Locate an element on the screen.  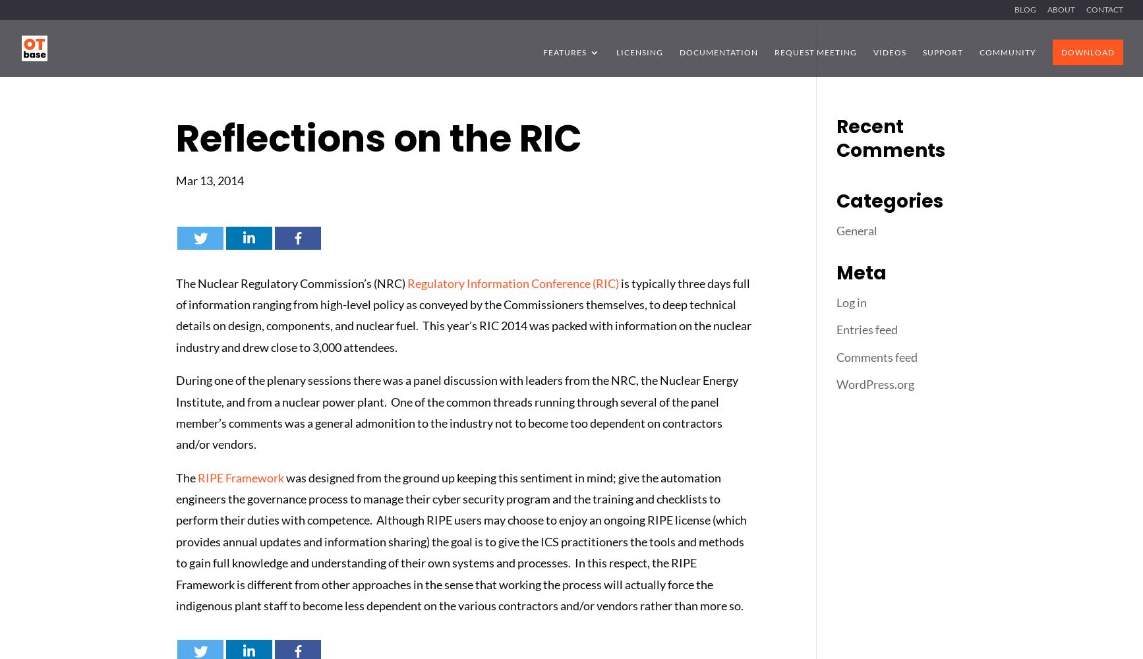
'was designed from the ground up keeping this sentiment in mind; give the automation engineers the governance process to manage their cyber security program and the training and checklists to perform their duties with competence.  Although RIPE users may choose to enjoy an ongoing RIPE license (which provides annual updates and information sharing) the goal is to give the ICS practitioners the tools and methods to gain full knowledge and understanding of their own systems and processes.  In this respect, the RIPE Framework is different from other approaches in the sense that working the process will actually force the indigenous plant staff to become less dependent on the various contractors and/or vendors rather than more so.' is located at coordinates (176, 540).